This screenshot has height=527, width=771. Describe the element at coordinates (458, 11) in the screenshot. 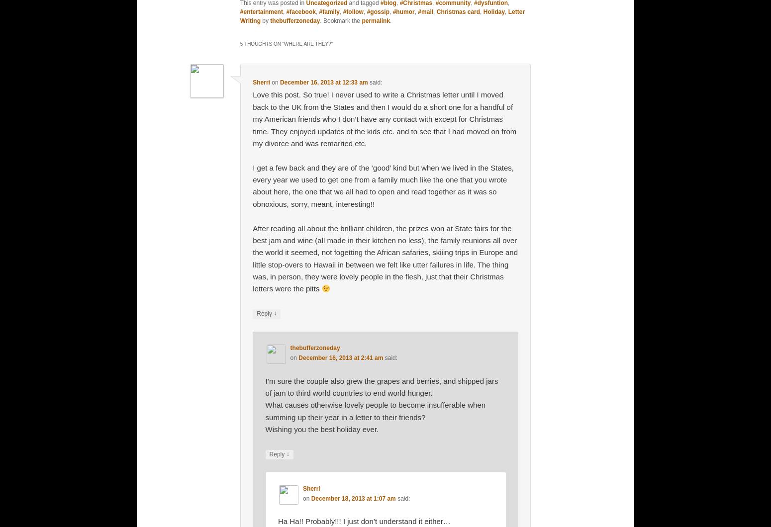

I see `'Christmas card'` at that location.